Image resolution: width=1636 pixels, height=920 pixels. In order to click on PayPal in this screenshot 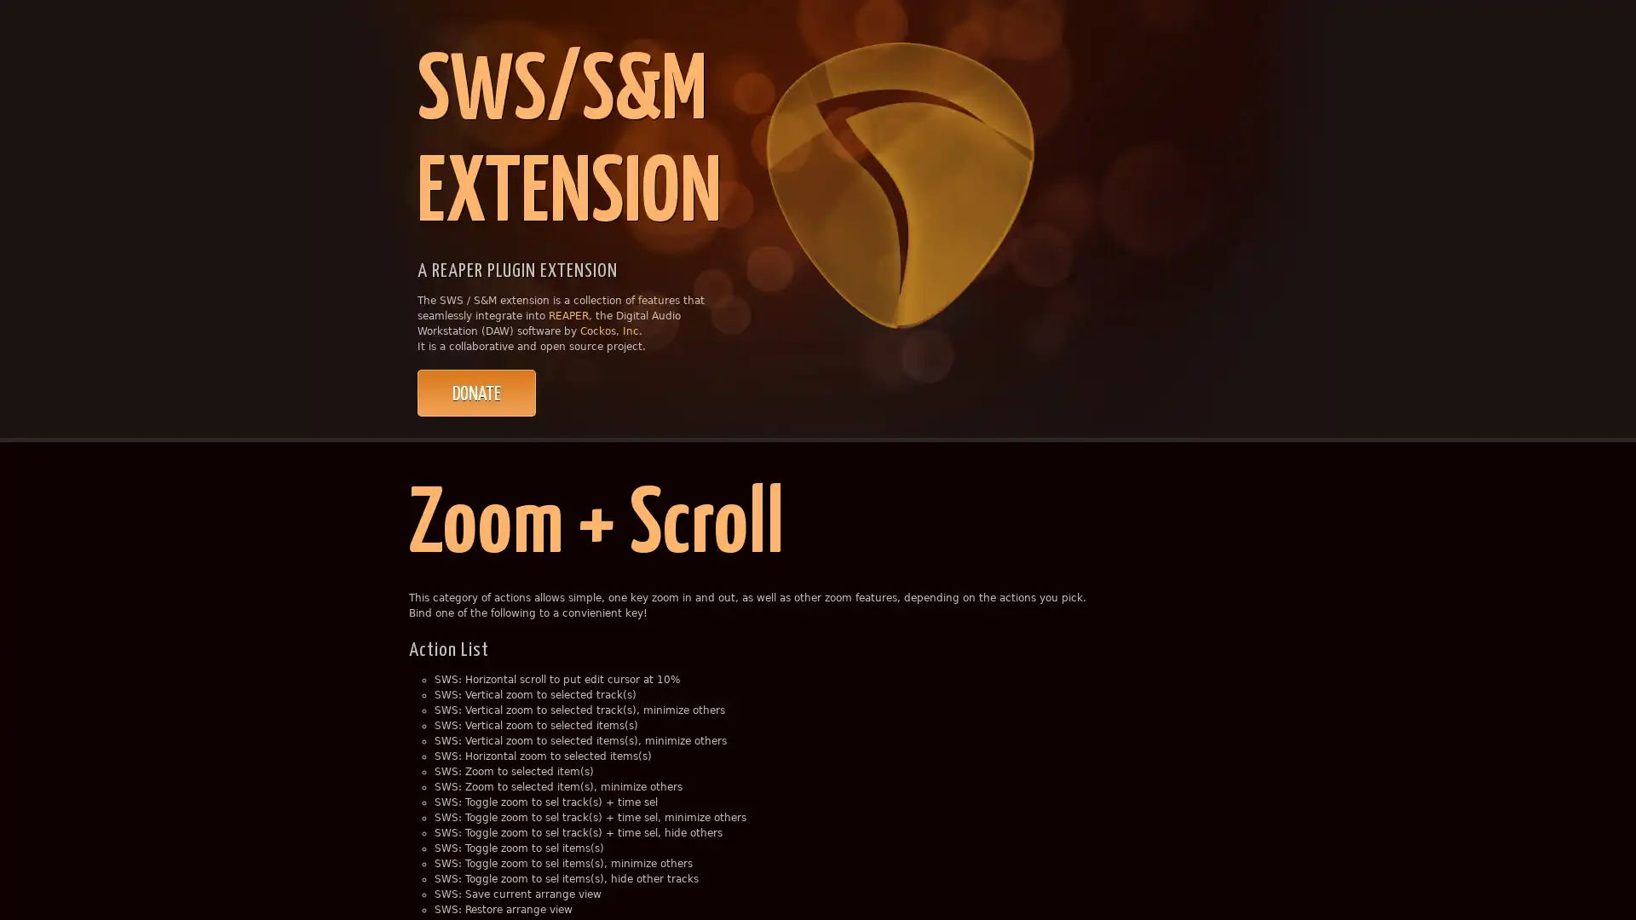, I will do `click(476, 393)`.